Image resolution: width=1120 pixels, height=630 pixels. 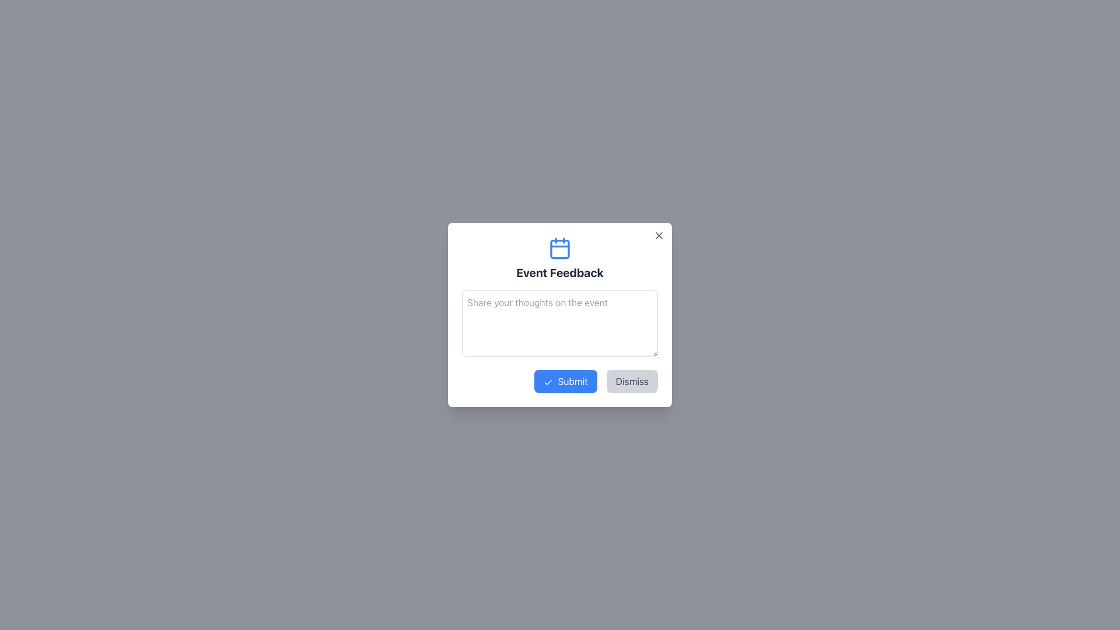 I want to click on the small, red-colored 'X' icon used for closing or dismissing pop-ups or modal dialogs, so click(x=659, y=236).